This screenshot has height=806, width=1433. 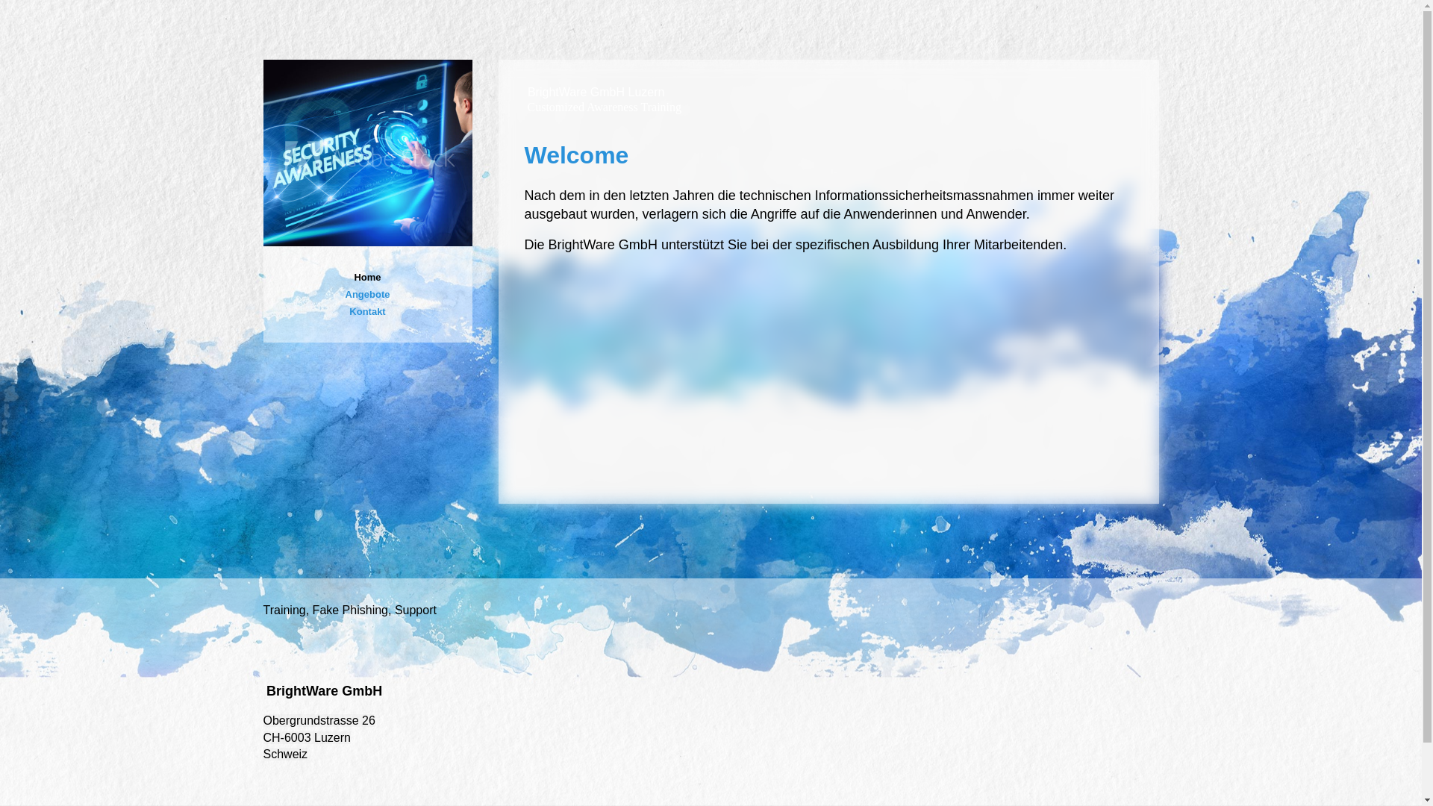 I want to click on 'Angebote', so click(x=366, y=294).